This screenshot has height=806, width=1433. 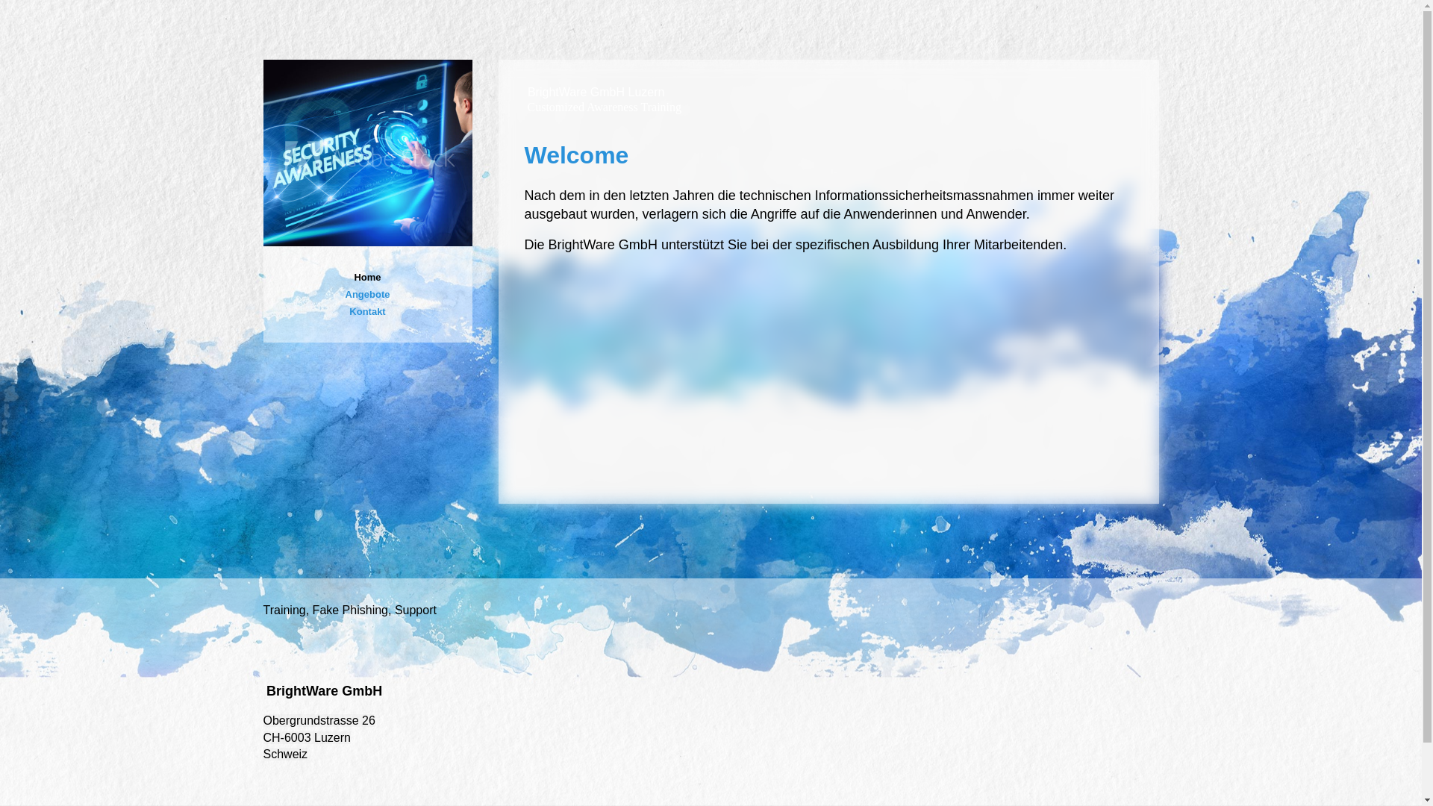 I want to click on 'Angebote', so click(x=366, y=294).